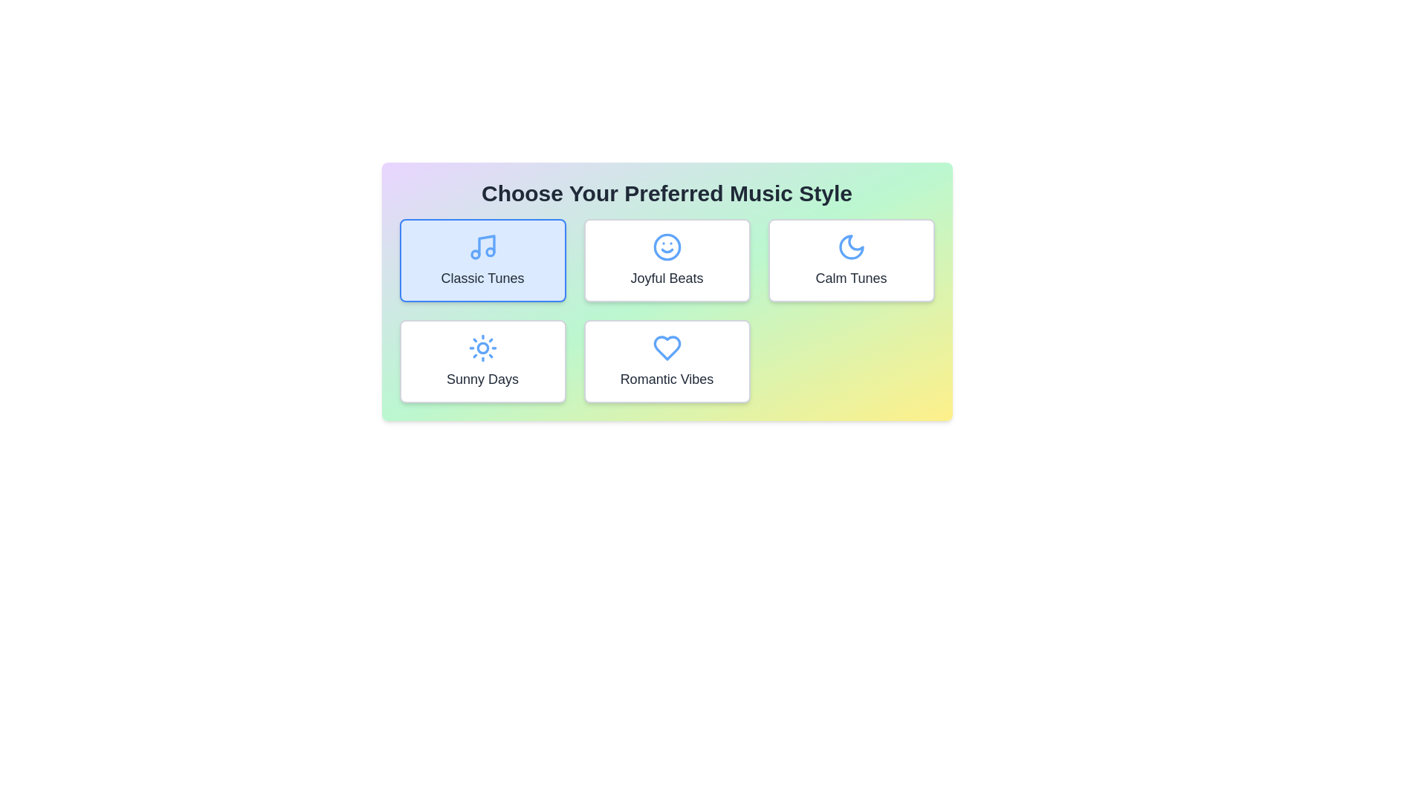  What do you see at coordinates (482, 348) in the screenshot?
I see `the sun icon within the 'Sunny Days' card located in the lower left corner of the six-card grid layout` at bounding box center [482, 348].